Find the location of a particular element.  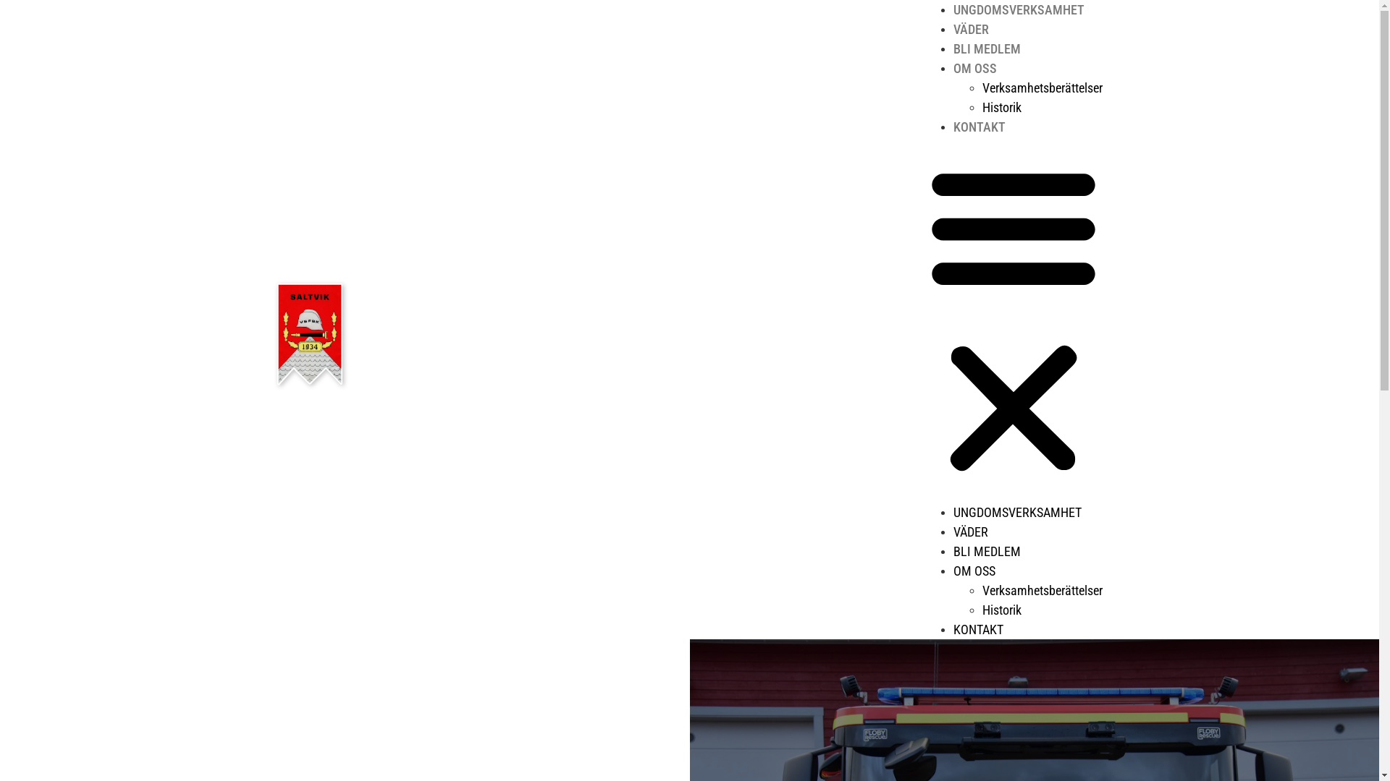

'OM OSS' is located at coordinates (974, 68).